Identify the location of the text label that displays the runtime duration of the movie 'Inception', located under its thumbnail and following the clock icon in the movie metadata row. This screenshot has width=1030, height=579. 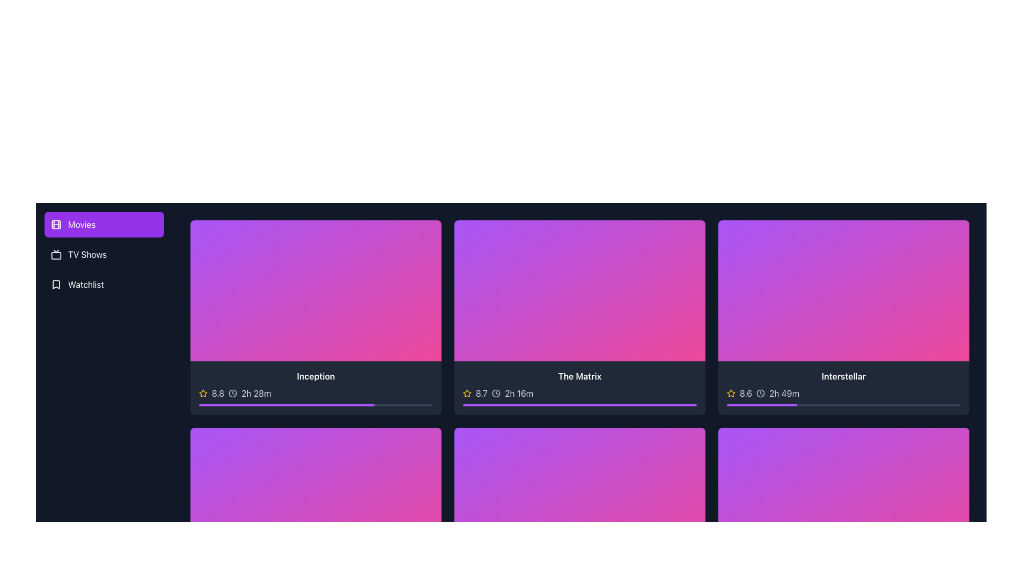
(255, 394).